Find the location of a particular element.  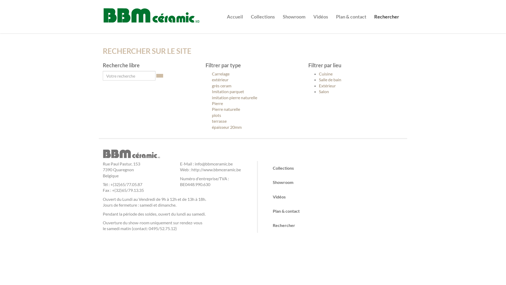

'Salon' is located at coordinates (323, 91).